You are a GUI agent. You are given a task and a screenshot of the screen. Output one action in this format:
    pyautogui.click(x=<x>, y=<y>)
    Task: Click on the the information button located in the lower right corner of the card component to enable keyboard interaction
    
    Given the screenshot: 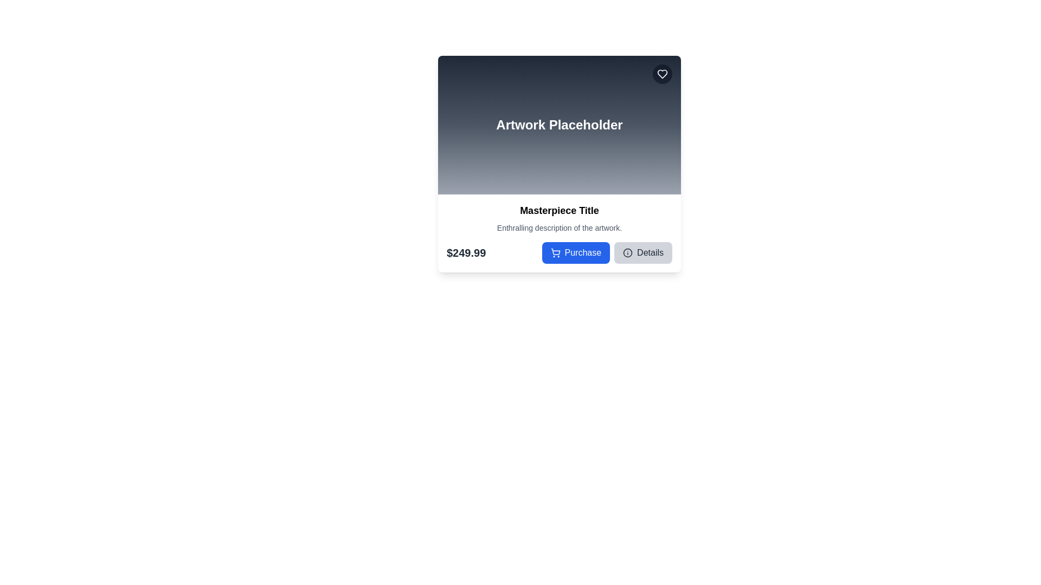 What is the action you would take?
    pyautogui.click(x=643, y=252)
    